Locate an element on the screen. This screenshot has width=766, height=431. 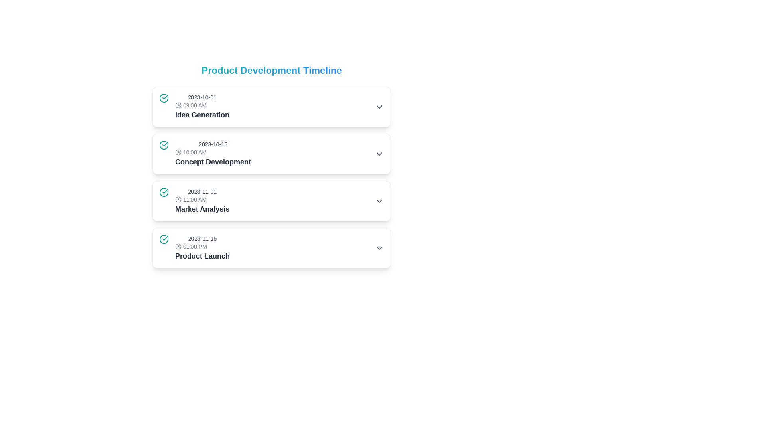
the static text component displaying '09:00 AM' with a clock icon, located in the first row of the timeline list is located at coordinates (202, 105).